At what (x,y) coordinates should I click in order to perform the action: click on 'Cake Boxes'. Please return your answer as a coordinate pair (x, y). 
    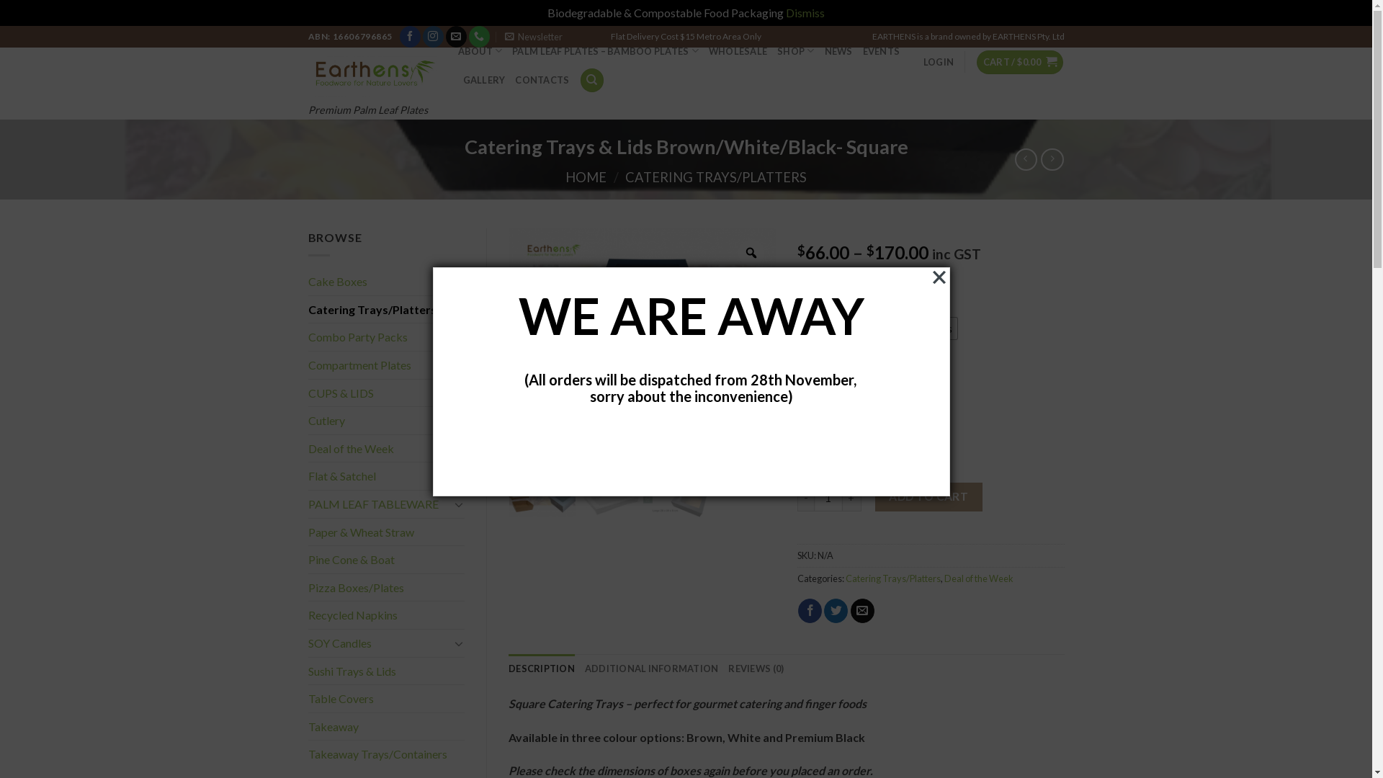
    Looking at the image, I should click on (387, 281).